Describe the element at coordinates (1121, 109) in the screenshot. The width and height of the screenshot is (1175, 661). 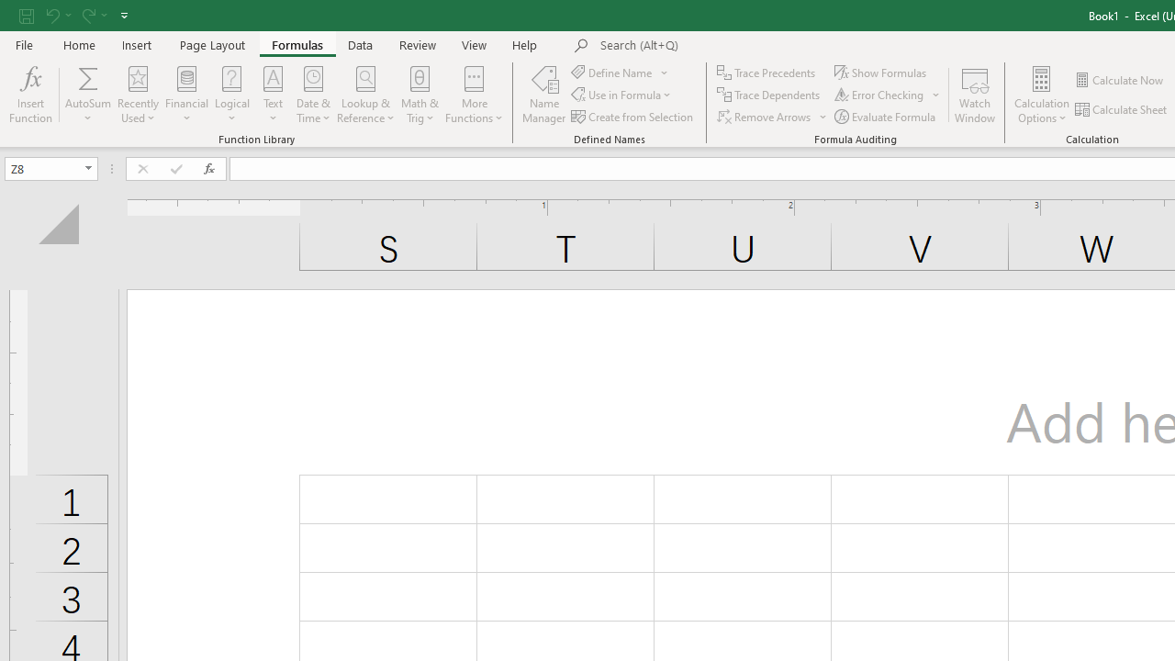
I see `'Calculate Sheet'` at that location.